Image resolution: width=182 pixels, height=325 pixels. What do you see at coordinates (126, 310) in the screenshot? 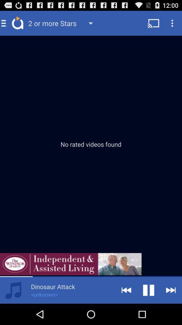
I see `the av_rewind icon` at bounding box center [126, 310].